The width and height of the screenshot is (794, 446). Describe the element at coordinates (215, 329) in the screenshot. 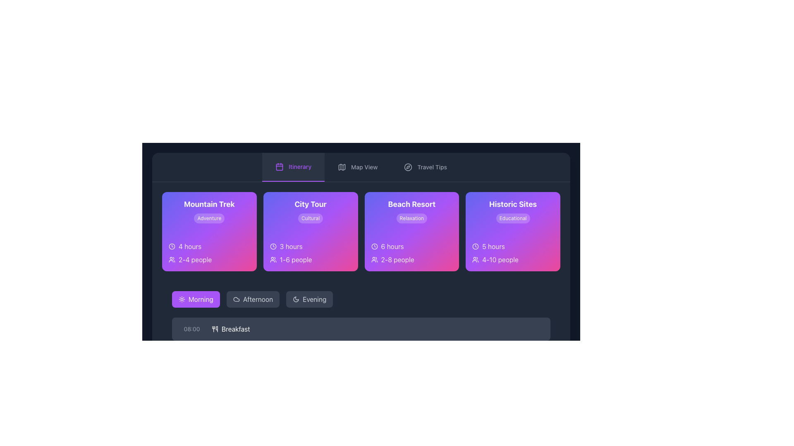

I see `the dining utensils icon` at that location.